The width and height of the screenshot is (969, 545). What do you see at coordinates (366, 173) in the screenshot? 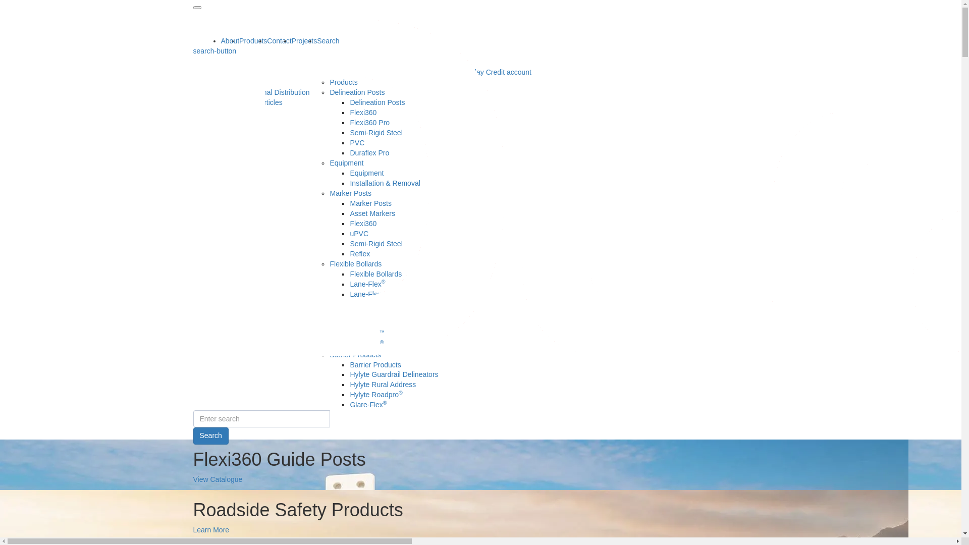
I see `'Equipment'` at bounding box center [366, 173].